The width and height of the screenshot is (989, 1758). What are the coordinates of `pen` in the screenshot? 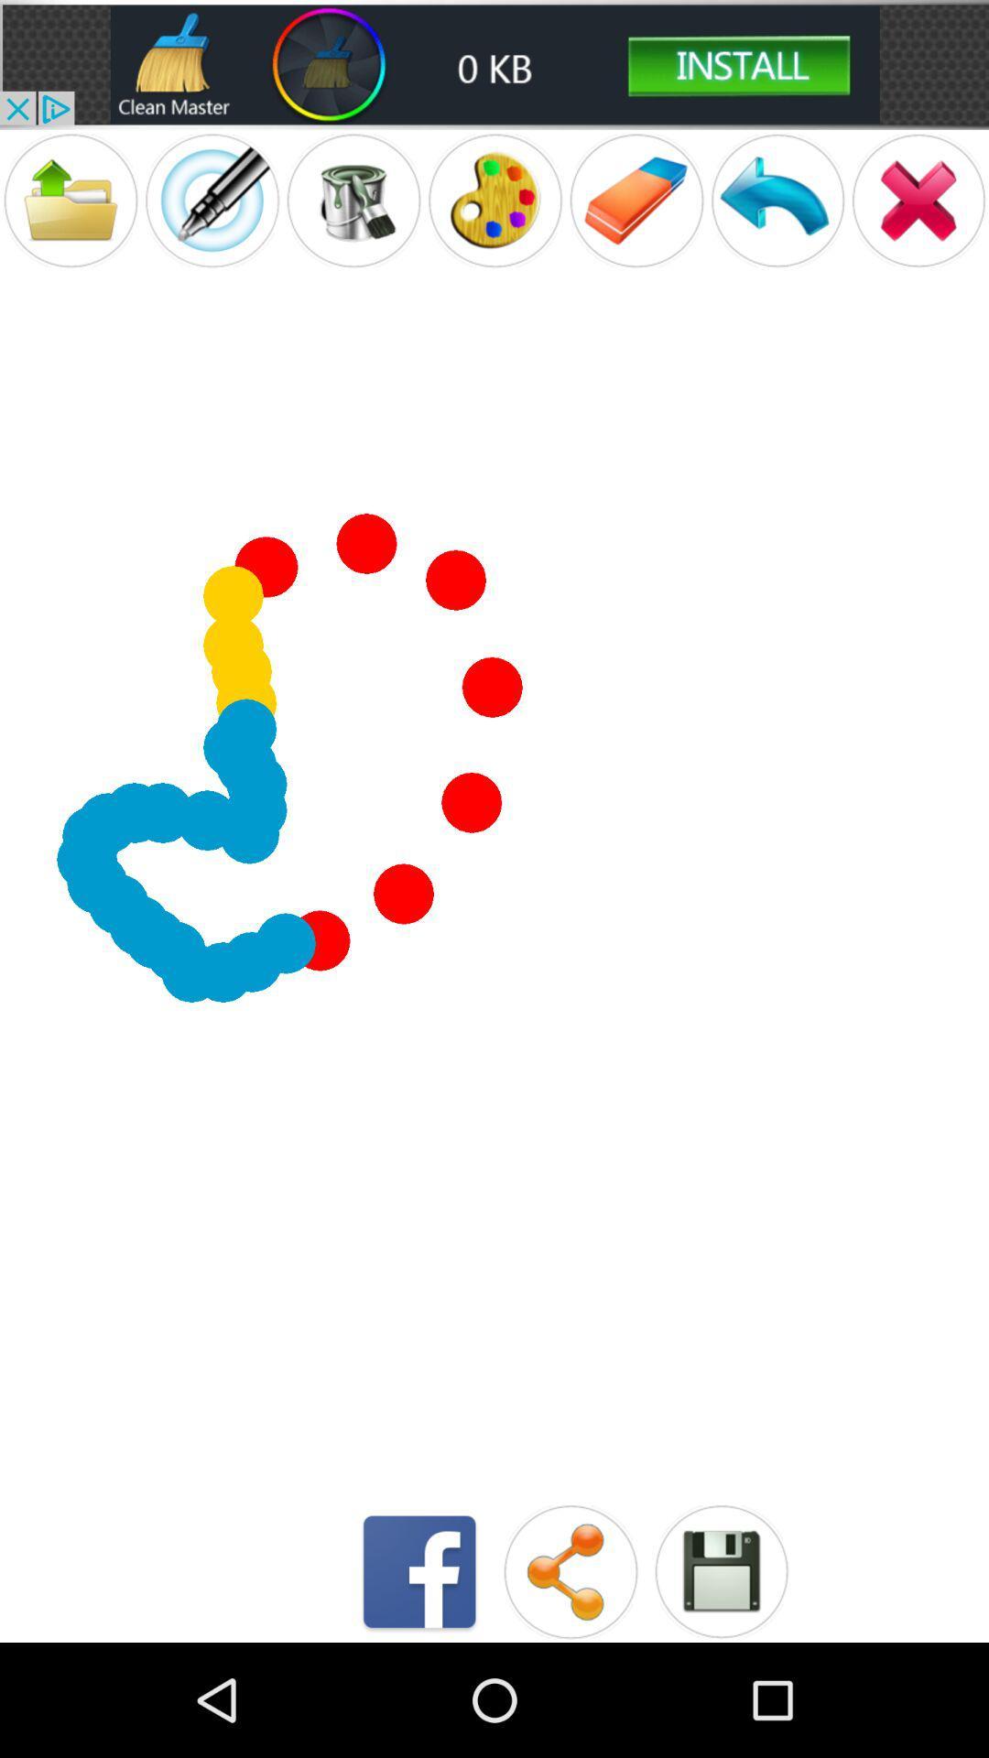 It's located at (211, 201).